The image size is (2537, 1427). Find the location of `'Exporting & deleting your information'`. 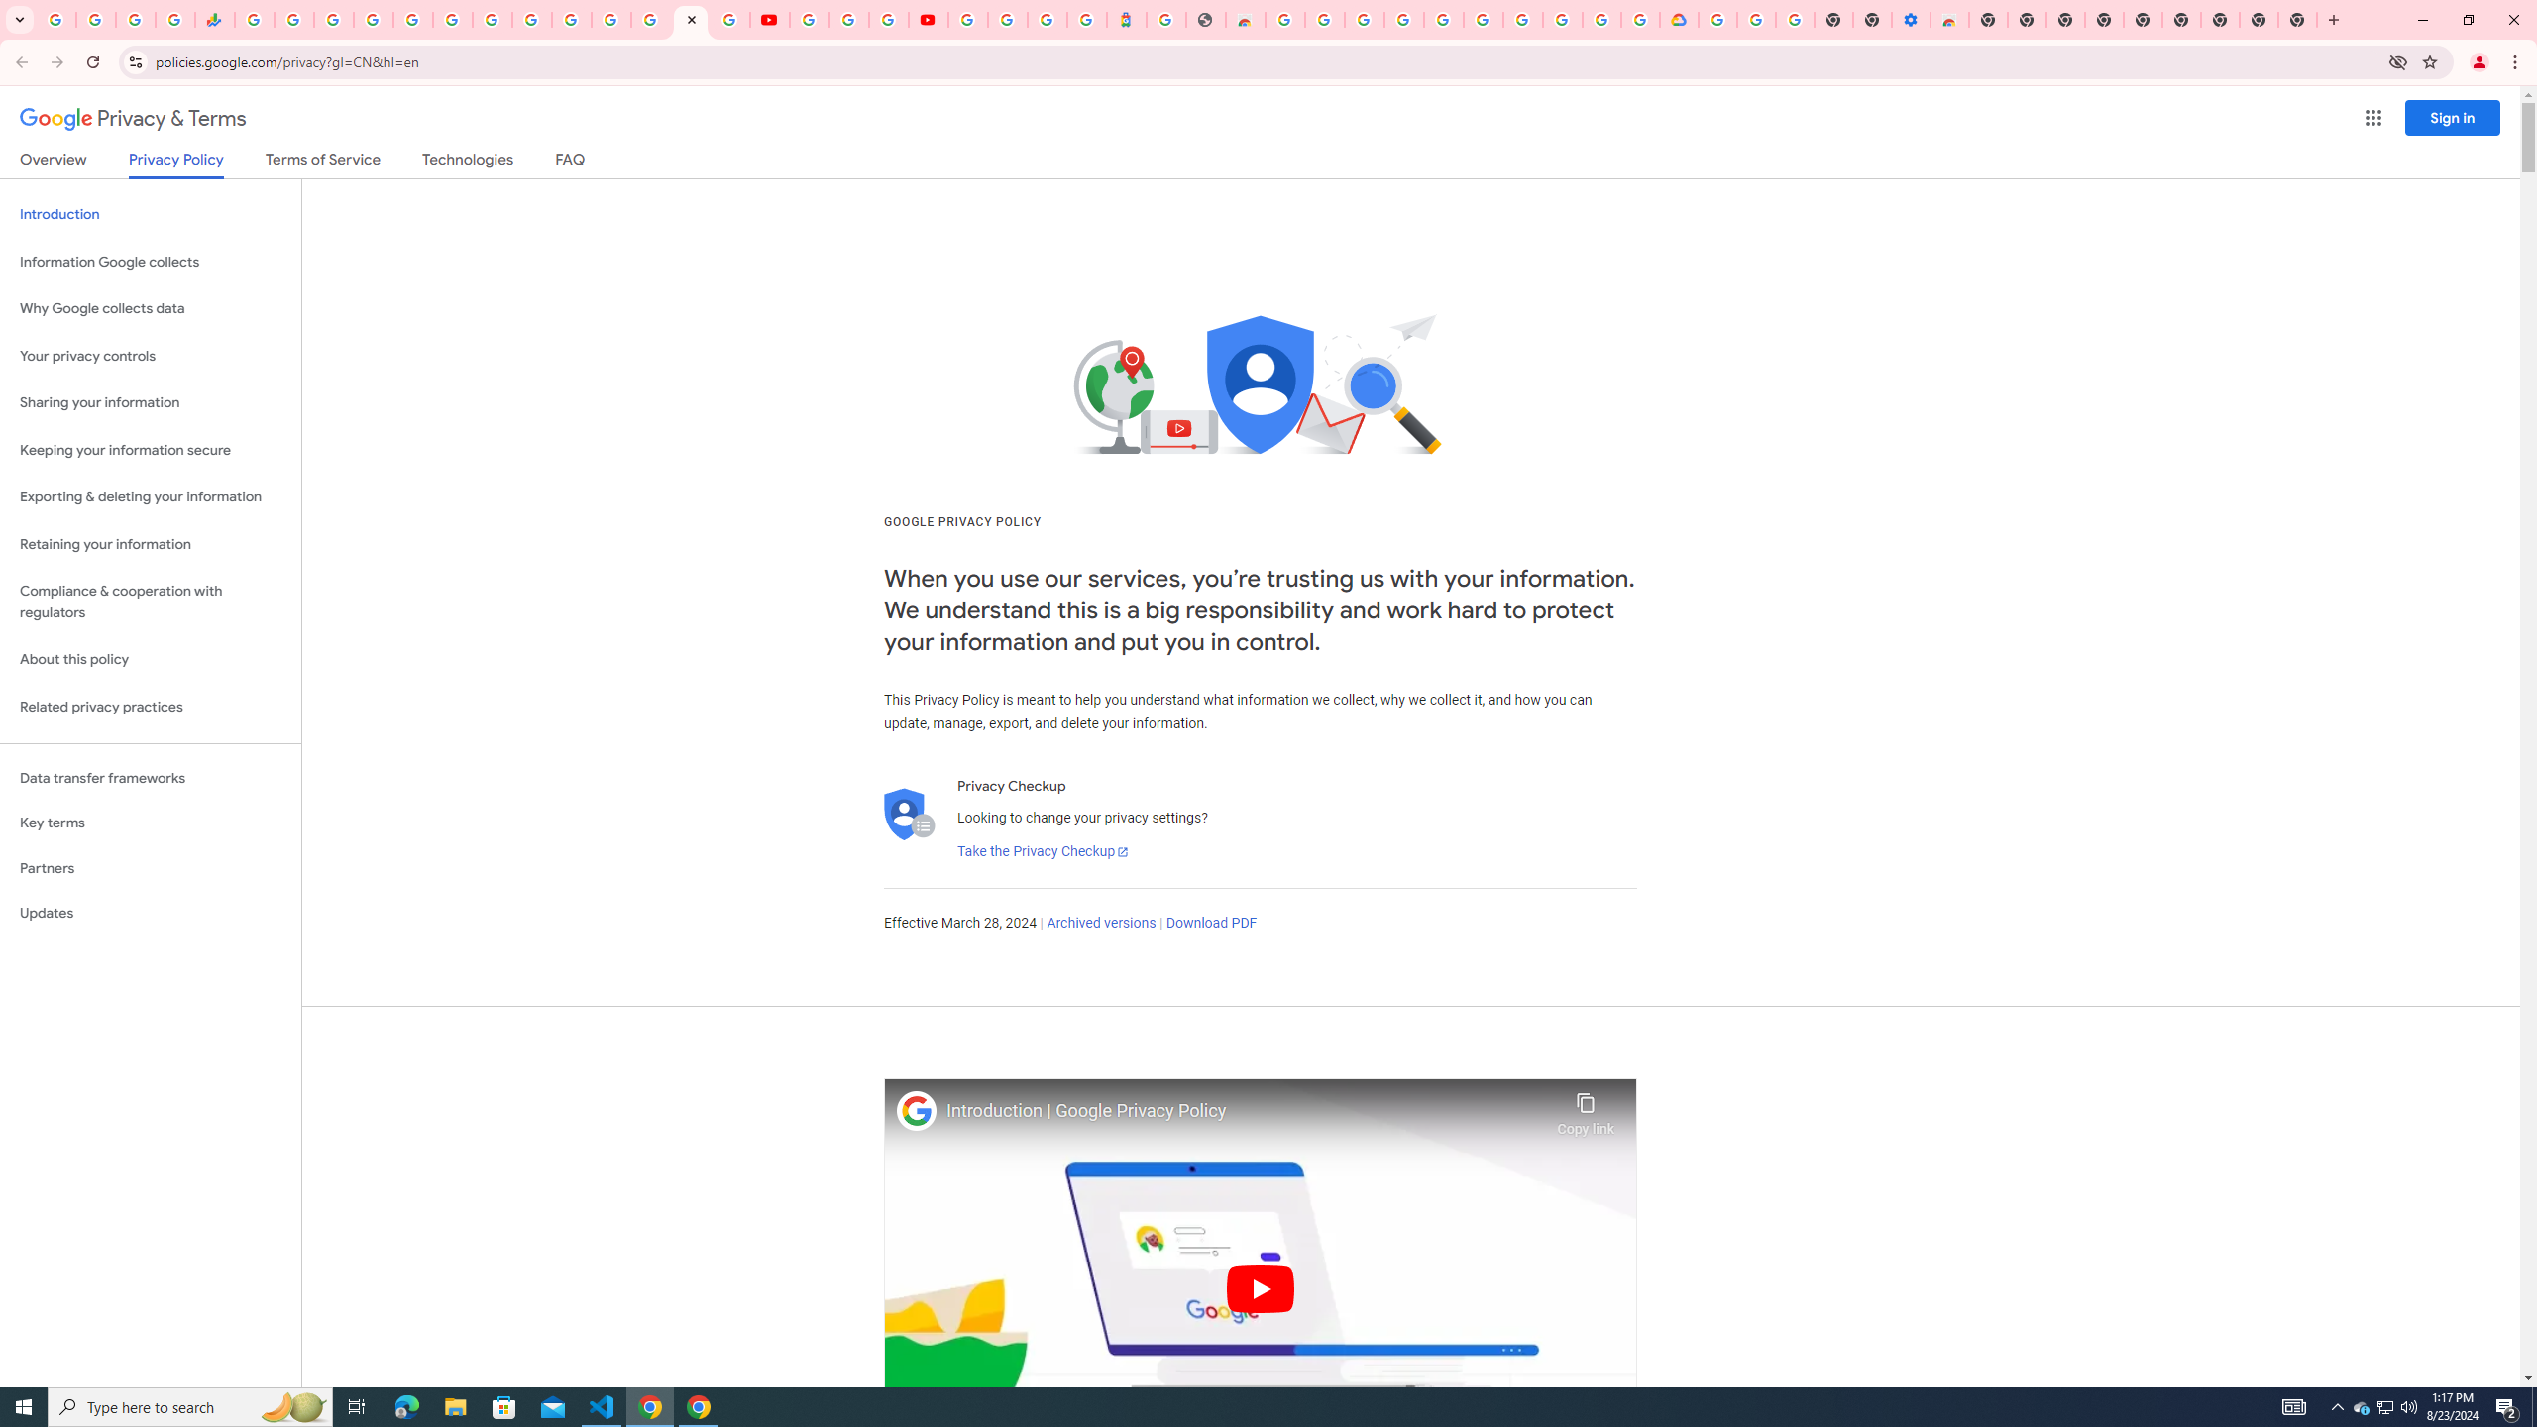

'Exporting & deleting your information' is located at coordinates (150, 496).